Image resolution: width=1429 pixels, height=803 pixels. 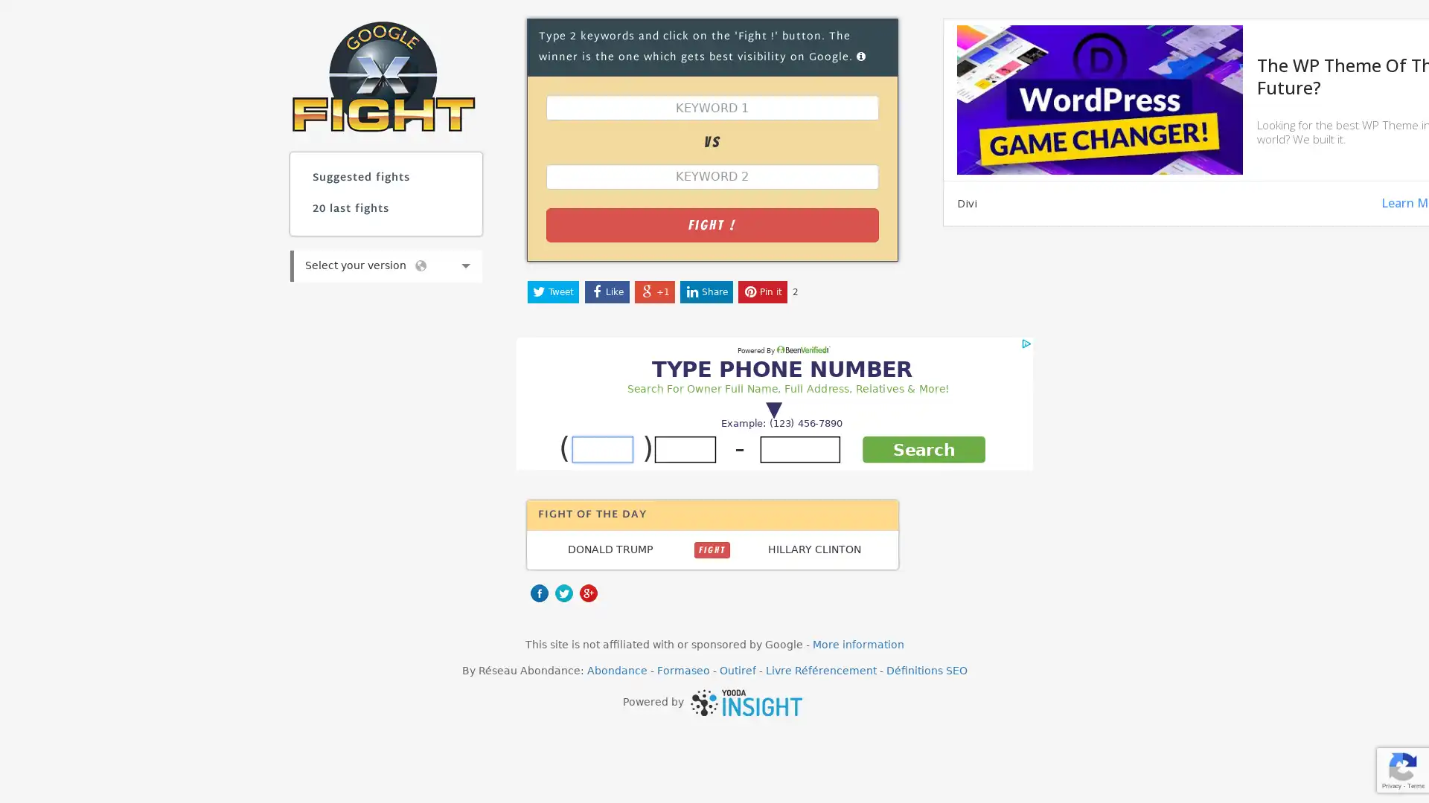 I want to click on Fight !, so click(x=711, y=224).